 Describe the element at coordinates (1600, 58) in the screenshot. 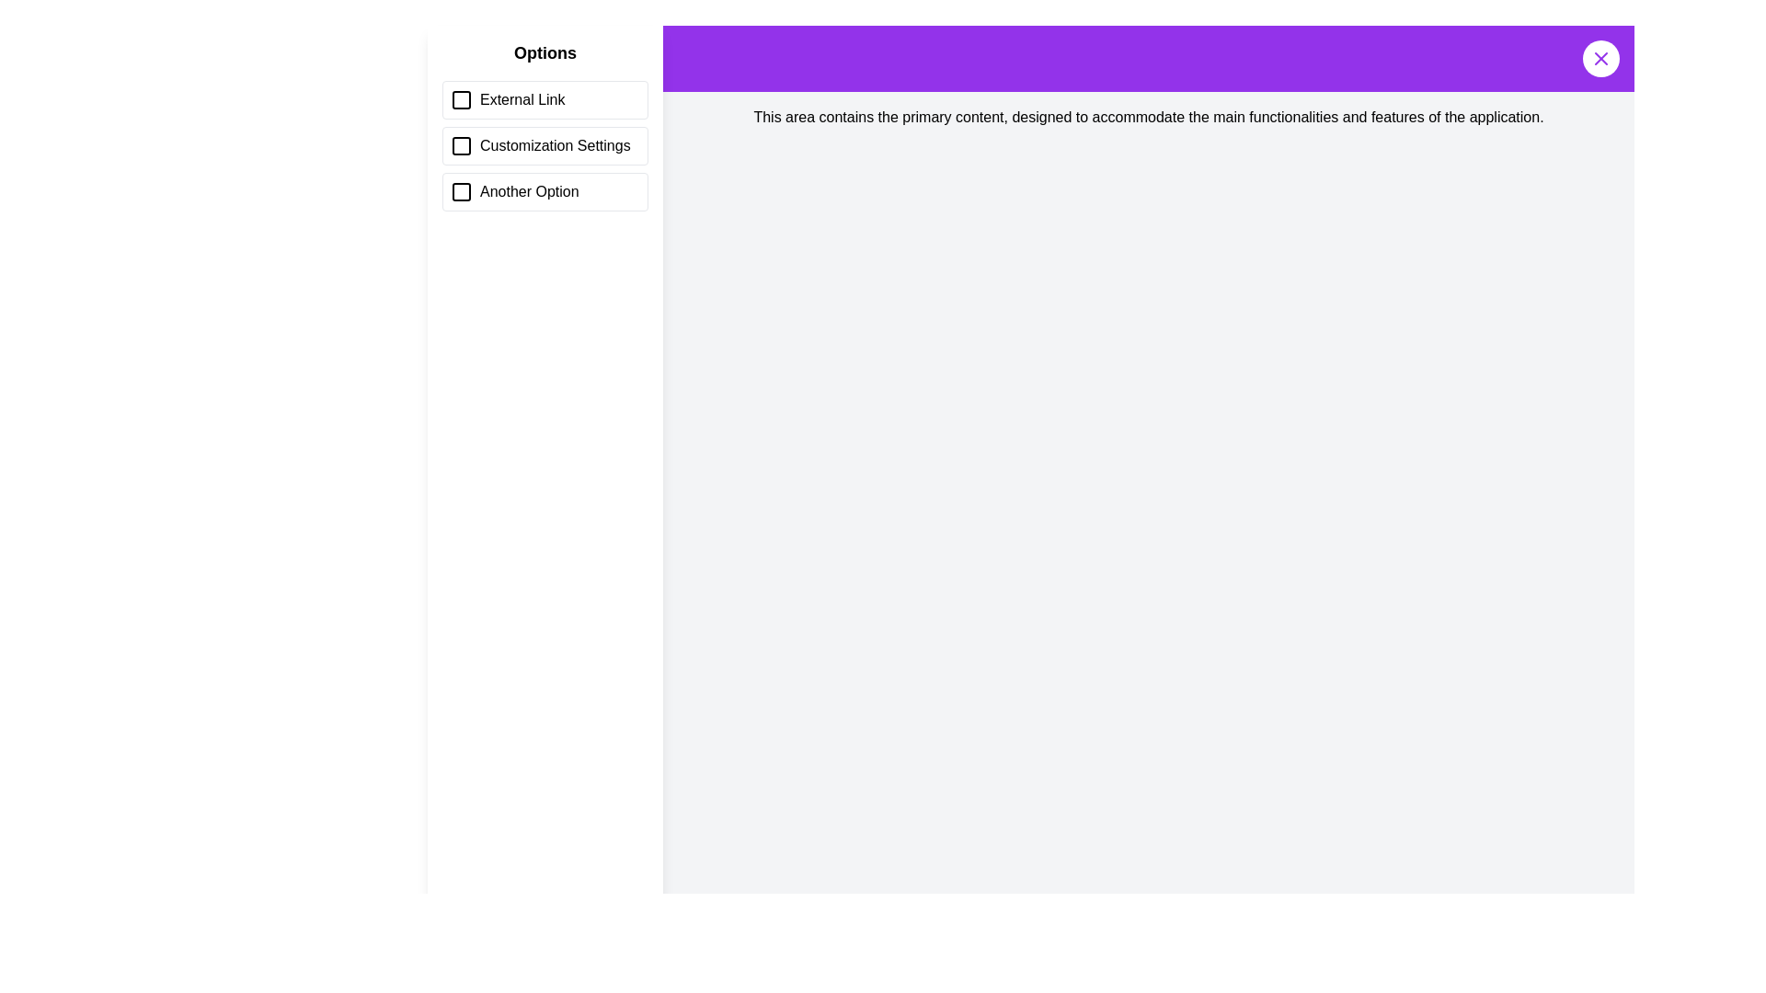

I see `the diagonal line part of the cross-shaped icon located within the circular white button with a purple background in the top-right corner of the interface` at that location.